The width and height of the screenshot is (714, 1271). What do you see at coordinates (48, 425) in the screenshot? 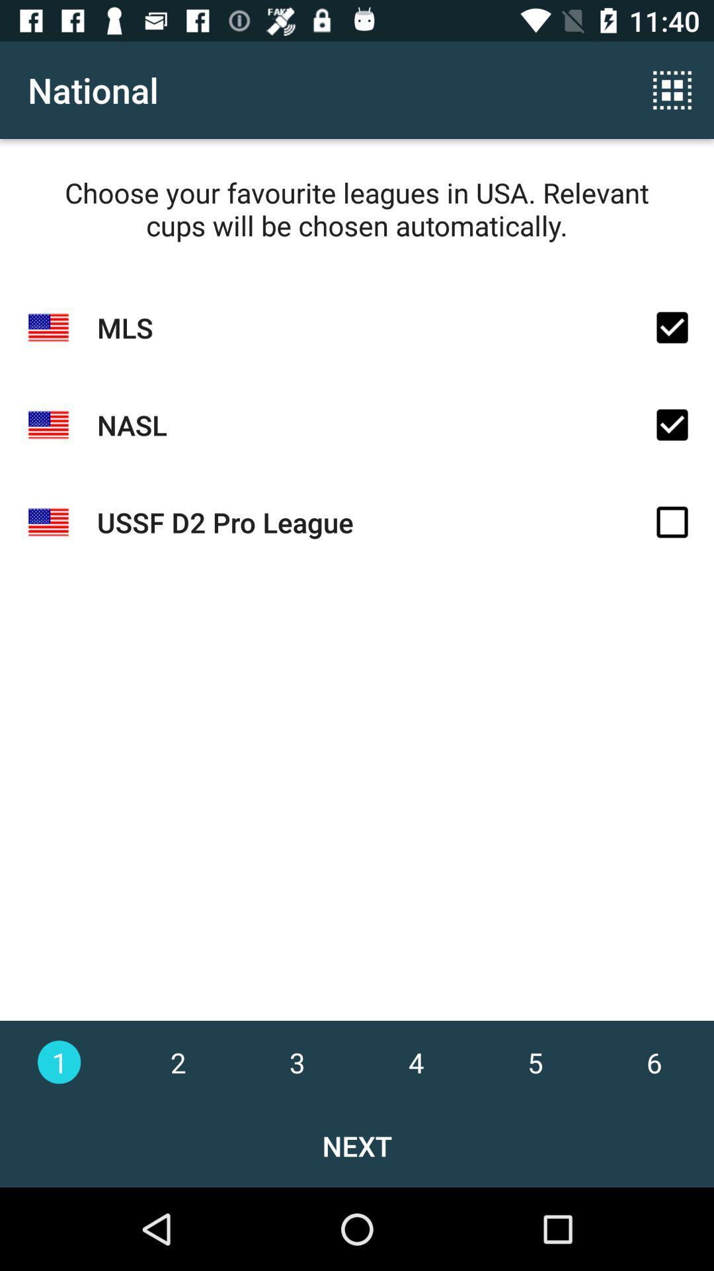
I see `the second flag icon from top` at bounding box center [48, 425].